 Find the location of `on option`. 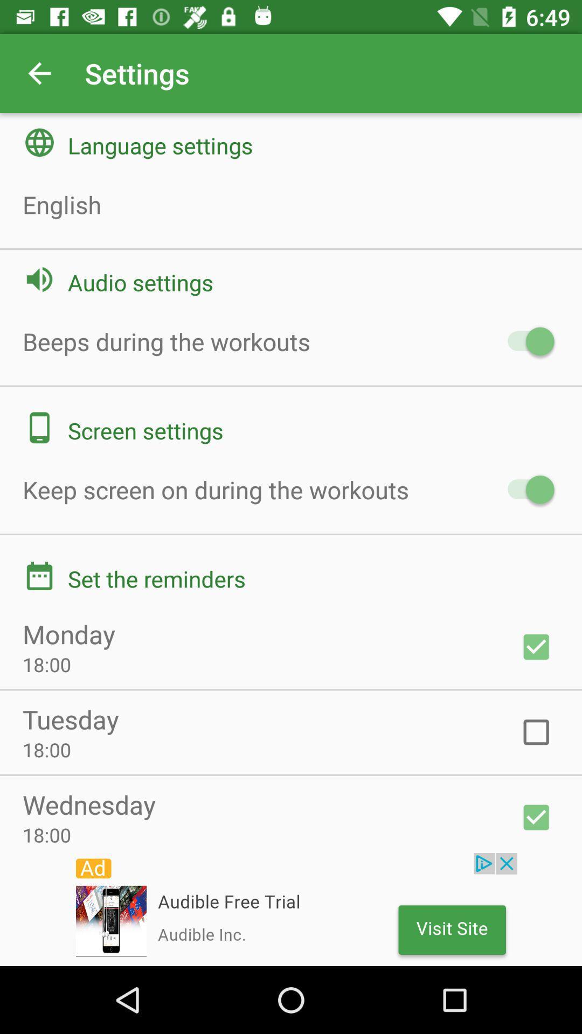

on option is located at coordinates (536, 646).